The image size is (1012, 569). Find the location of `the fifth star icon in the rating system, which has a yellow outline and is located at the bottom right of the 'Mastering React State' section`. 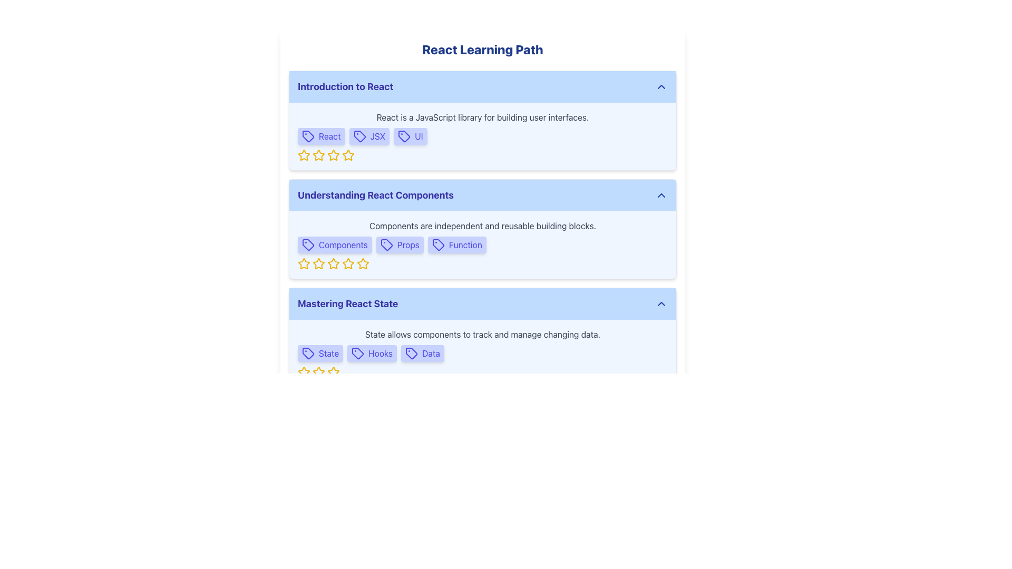

the fifth star icon in the rating system, which has a yellow outline and is located at the bottom right of the 'Mastering React State' section is located at coordinates (318, 371).